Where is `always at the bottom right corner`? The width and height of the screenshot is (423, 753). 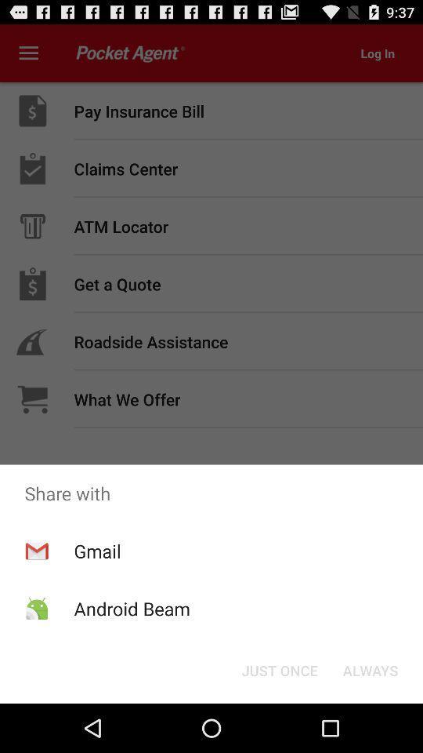
always at the bottom right corner is located at coordinates (370, 669).